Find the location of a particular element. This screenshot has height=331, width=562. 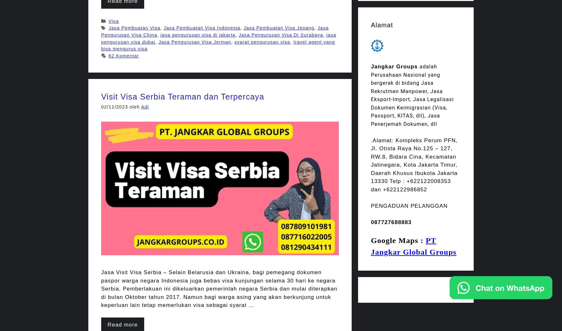

'Telp : +622122008353' is located at coordinates (420, 181).